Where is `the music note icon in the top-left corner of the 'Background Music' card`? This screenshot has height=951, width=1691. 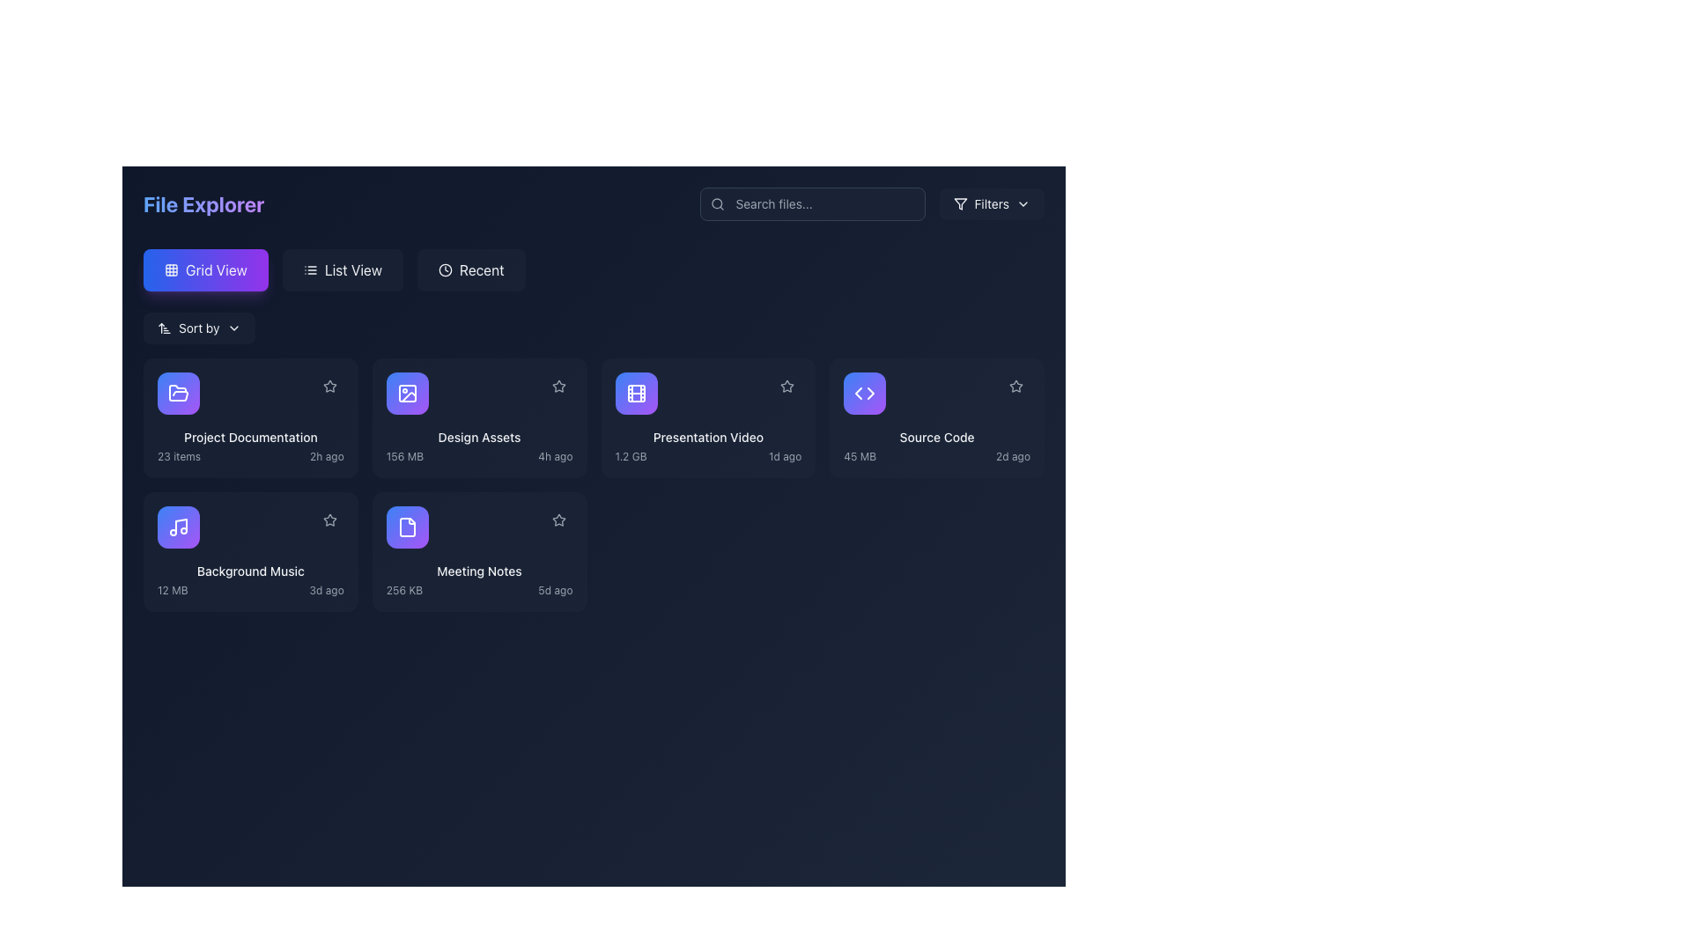
the music note icon in the top-left corner of the 'Background Music' card is located at coordinates (178, 526).